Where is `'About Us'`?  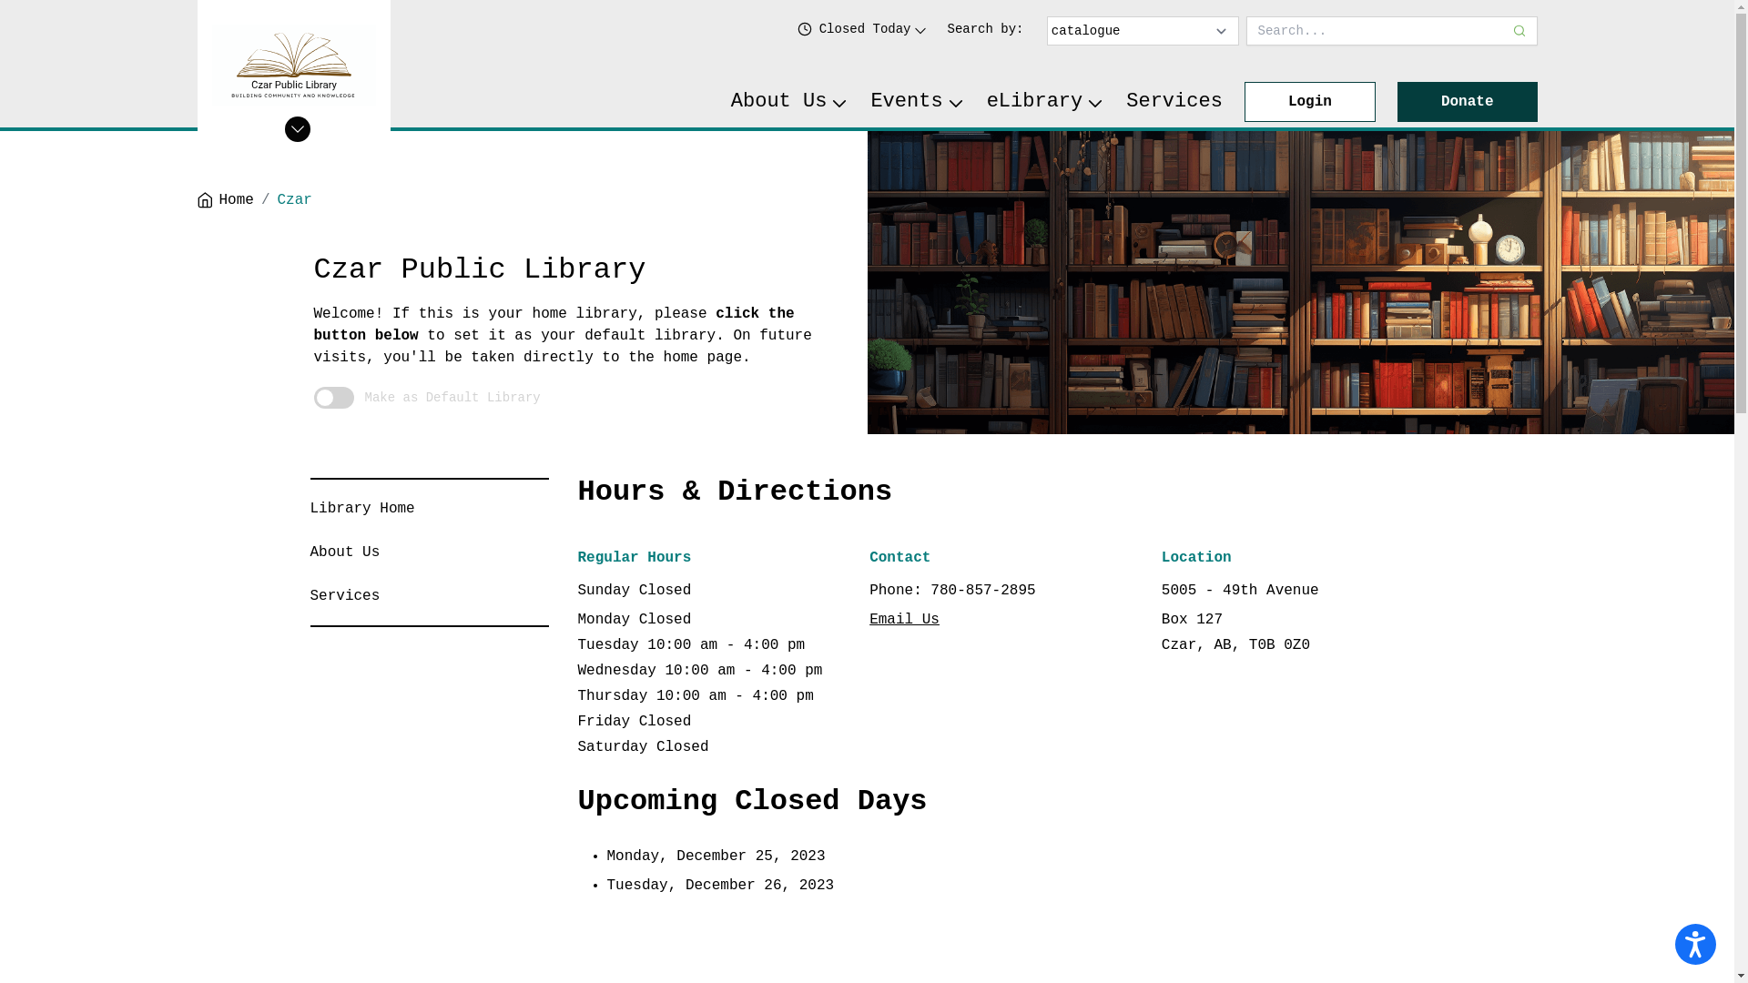
'About Us' is located at coordinates (730, 101).